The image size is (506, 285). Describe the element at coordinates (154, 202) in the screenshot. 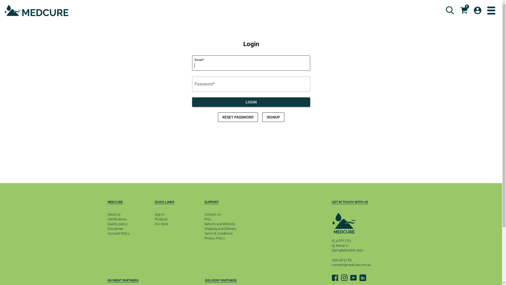

I see `'QUICK LINKS'` at that location.